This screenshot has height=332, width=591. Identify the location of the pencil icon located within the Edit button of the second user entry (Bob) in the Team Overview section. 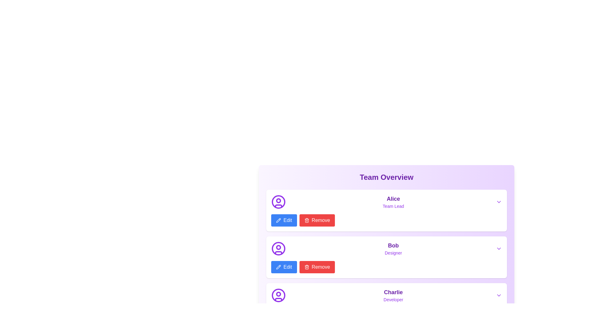
(278, 267).